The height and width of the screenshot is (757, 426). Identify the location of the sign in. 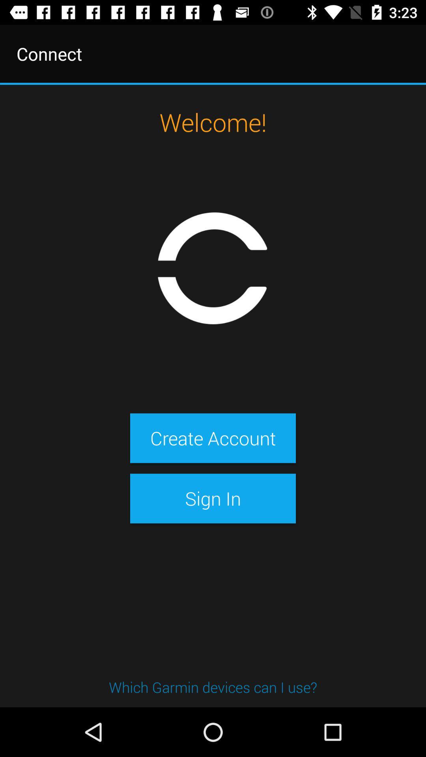
(213, 498).